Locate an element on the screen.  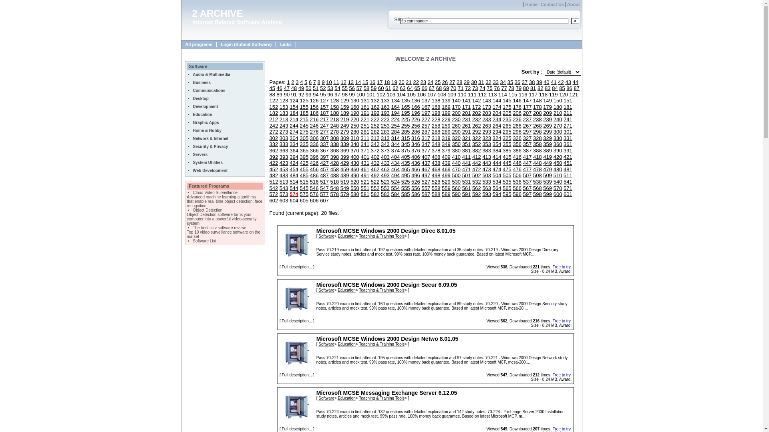
'391' is located at coordinates (563, 150).